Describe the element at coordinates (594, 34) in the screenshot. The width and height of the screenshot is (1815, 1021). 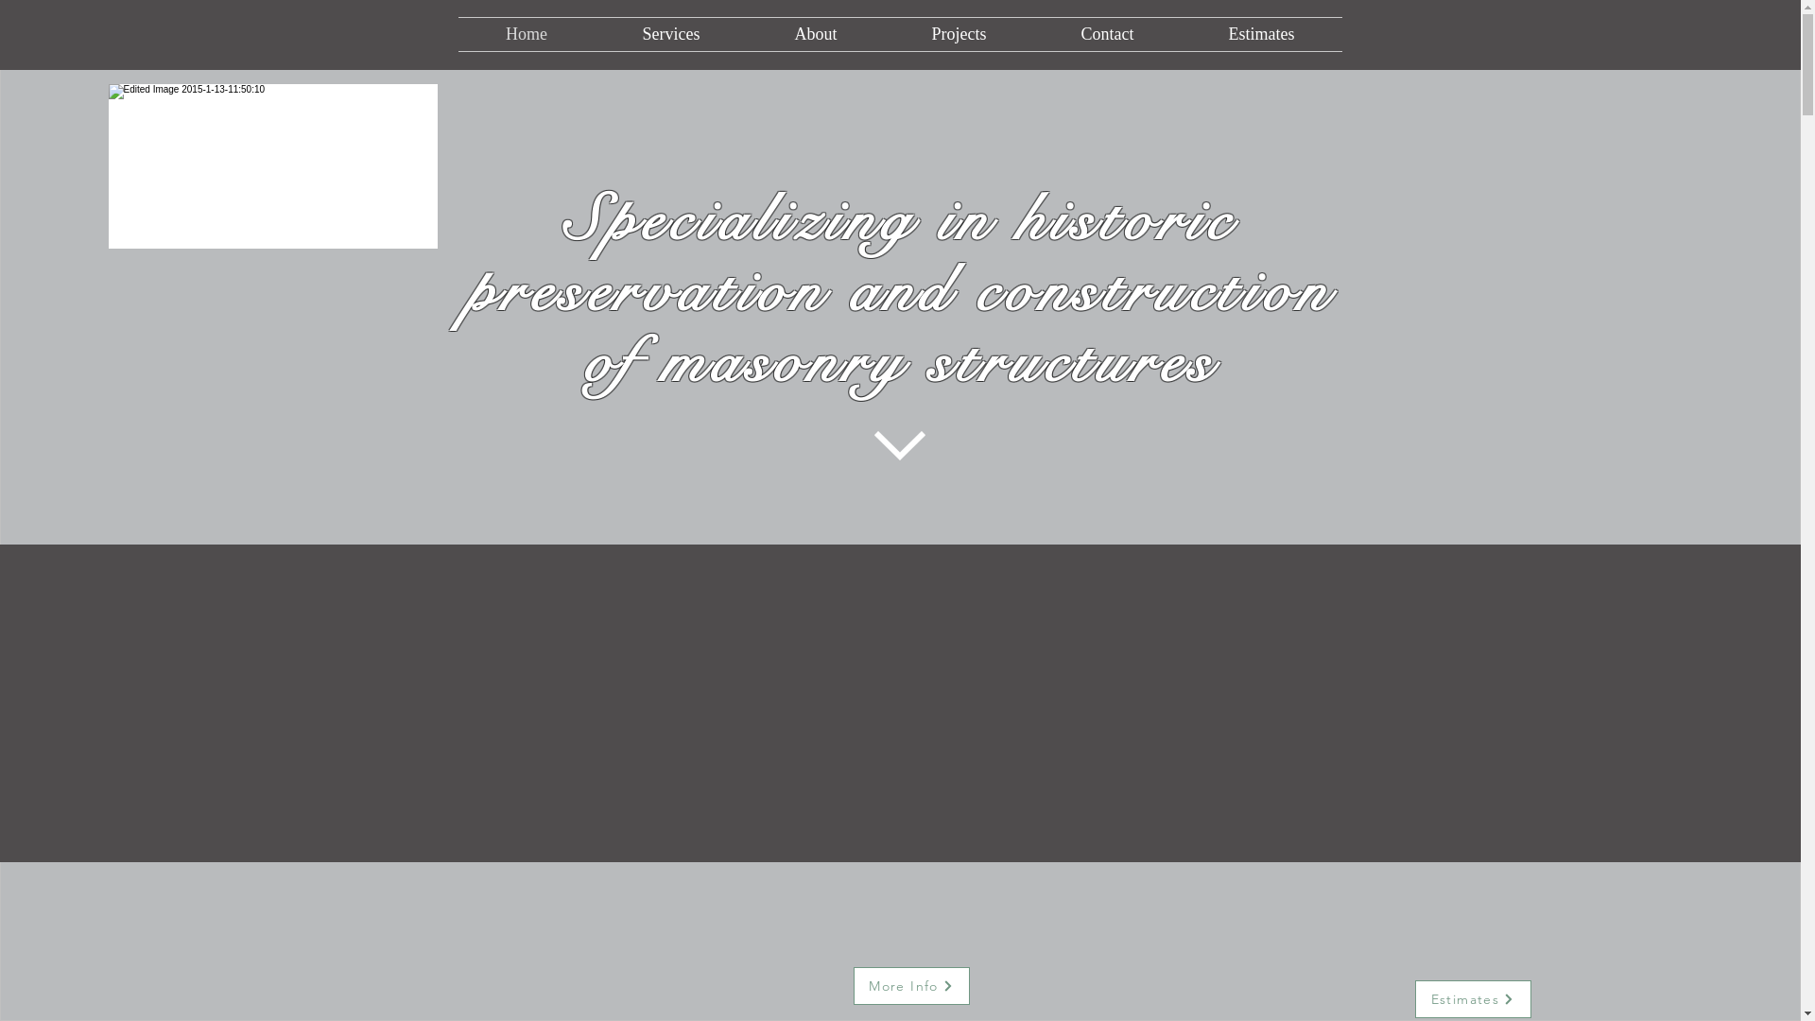
I see `'Services'` at that location.